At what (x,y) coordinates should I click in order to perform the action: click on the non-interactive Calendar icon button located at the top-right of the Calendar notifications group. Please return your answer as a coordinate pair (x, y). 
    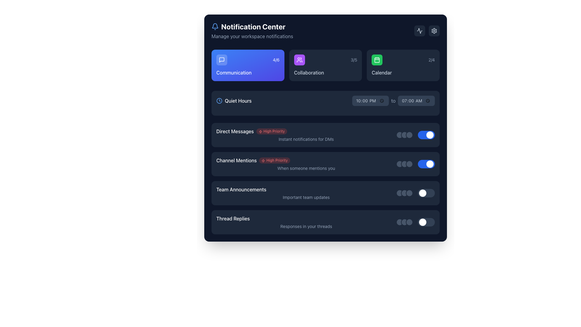
    Looking at the image, I should click on (377, 60).